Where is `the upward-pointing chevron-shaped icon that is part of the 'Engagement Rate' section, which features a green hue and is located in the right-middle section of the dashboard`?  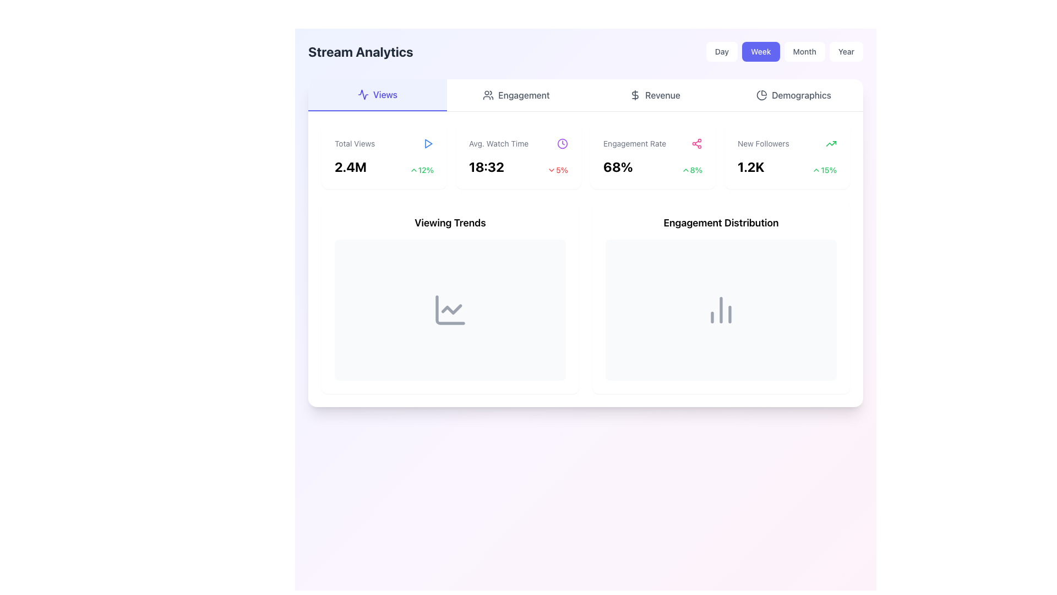 the upward-pointing chevron-shaped icon that is part of the 'Engagement Rate' section, which features a green hue and is located in the right-middle section of the dashboard is located at coordinates (685, 170).